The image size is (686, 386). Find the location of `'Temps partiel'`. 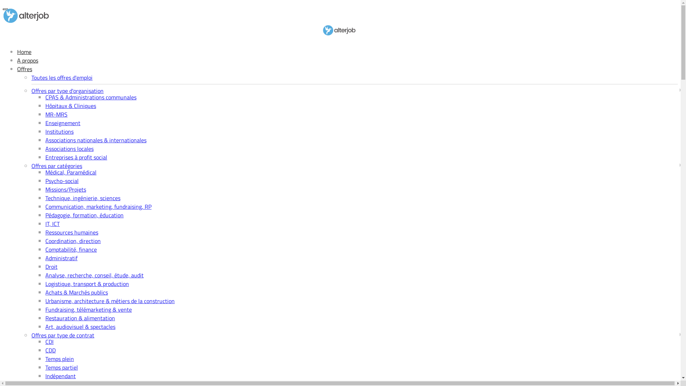

'Temps partiel' is located at coordinates (61, 367).